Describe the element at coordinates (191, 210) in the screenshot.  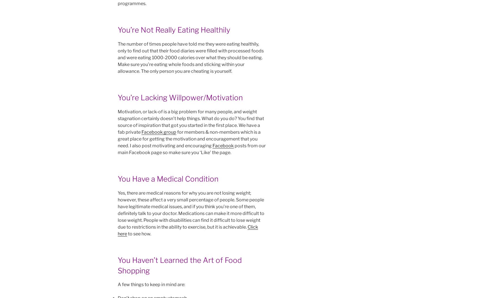
I see `'Yes, there are medical reasons for why you are not losing weight; however, these affect a very small percentage of people. Some people have legitimate medical issues, and if you think you’re one of them, definitely talk to your doctor. Medications can make it more difficult to lose weight. People with disabilities can find it difficult to lose weight due to restrictions in the ability to exercise, but it is achievable.'` at that location.